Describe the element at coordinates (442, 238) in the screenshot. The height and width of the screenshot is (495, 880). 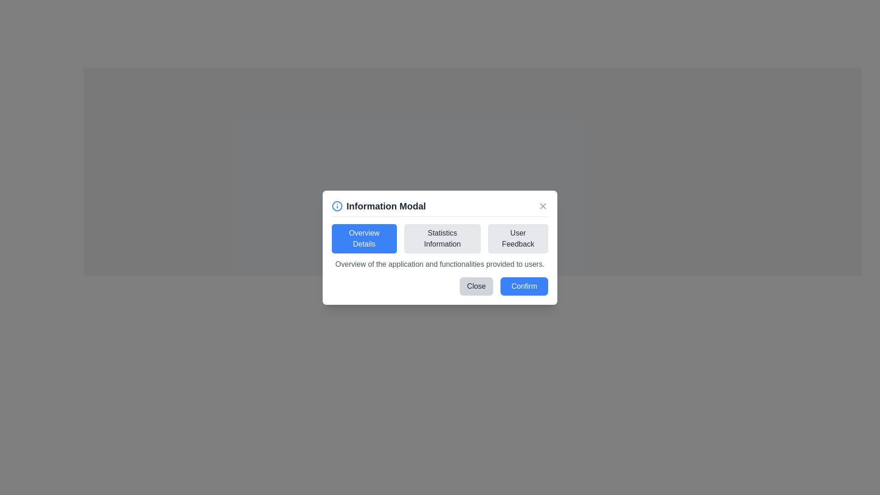
I see `the second button in a group of three buttons, located between 'Overview Details' and 'User Feedback'` at that location.